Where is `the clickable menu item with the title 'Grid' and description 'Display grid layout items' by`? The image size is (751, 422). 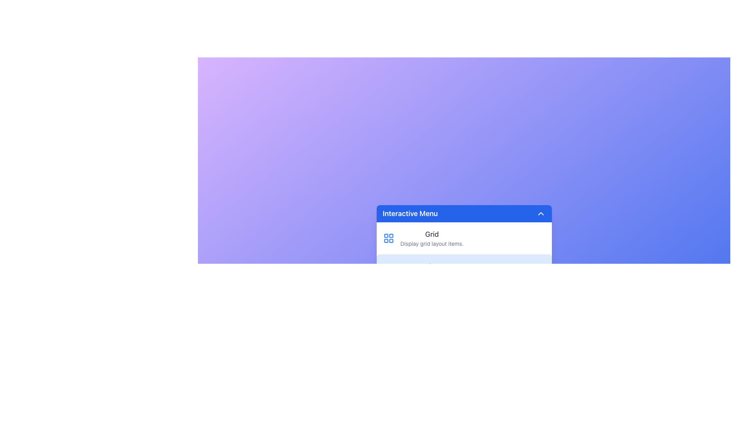
the clickable menu item with the title 'Grid' and description 'Display grid layout items' by is located at coordinates (464, 238).